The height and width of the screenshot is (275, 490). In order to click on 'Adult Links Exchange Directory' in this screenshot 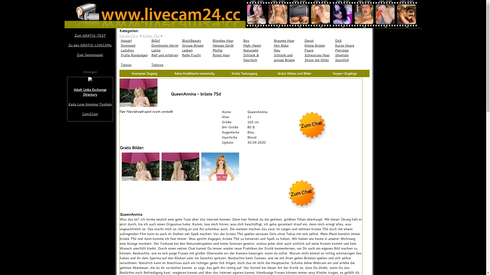, I will do `click(90, 92)`.